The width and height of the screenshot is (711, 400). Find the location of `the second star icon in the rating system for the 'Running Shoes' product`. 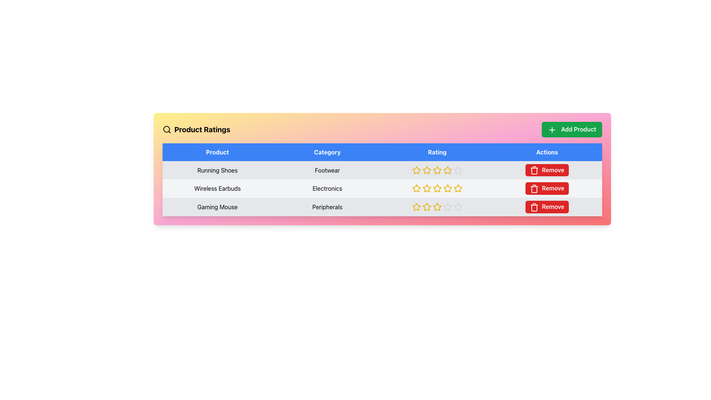

the second star icon in the rating system for the 'Running Shoes' product is located at coordinates (427, 170).